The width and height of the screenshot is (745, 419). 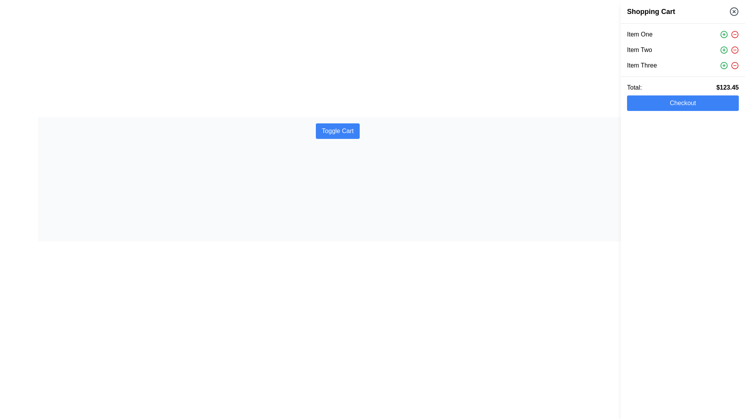 What do you see at coordinates (733, 12) in the screenshot?
I see `the close button on the 'Shopping Cart' interface` at bounding box center [733, 12].